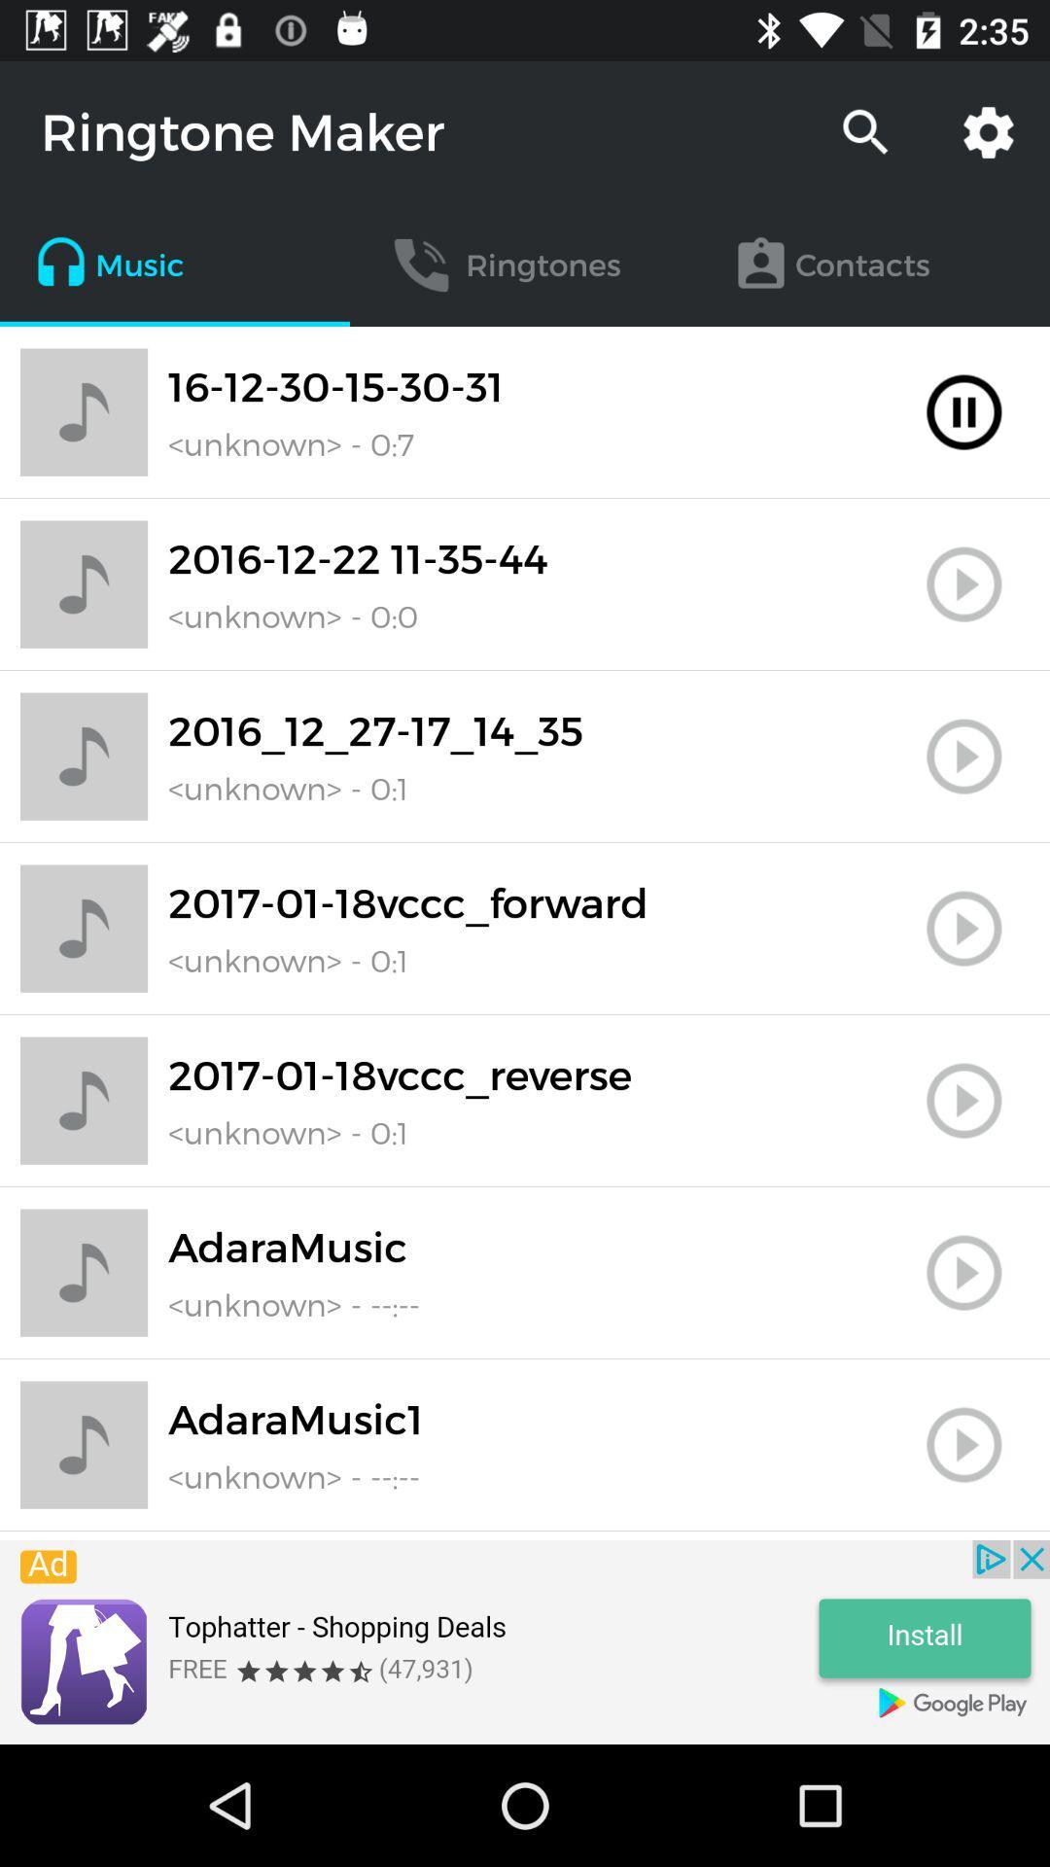 The image size is (1050, 1867). What do you see at coordinates (963, 411) in the screenshot?
I see `pause the ringtone` at bounding box center [963, 411].